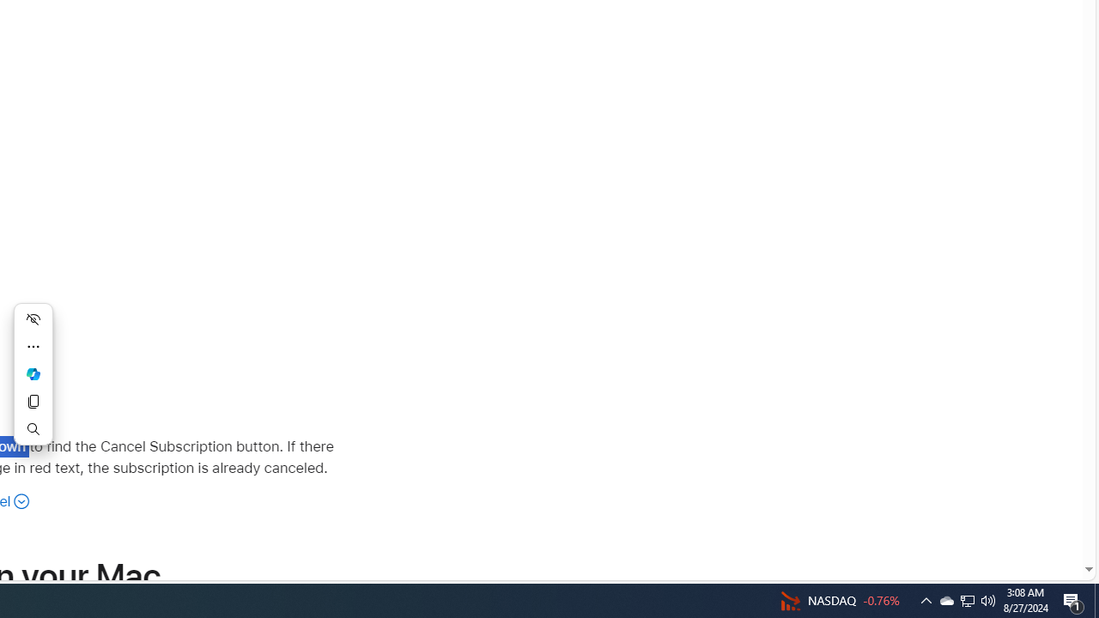 This screenshot has width=1099, height=618. I want to click on 'Copy', so click(33, 402).